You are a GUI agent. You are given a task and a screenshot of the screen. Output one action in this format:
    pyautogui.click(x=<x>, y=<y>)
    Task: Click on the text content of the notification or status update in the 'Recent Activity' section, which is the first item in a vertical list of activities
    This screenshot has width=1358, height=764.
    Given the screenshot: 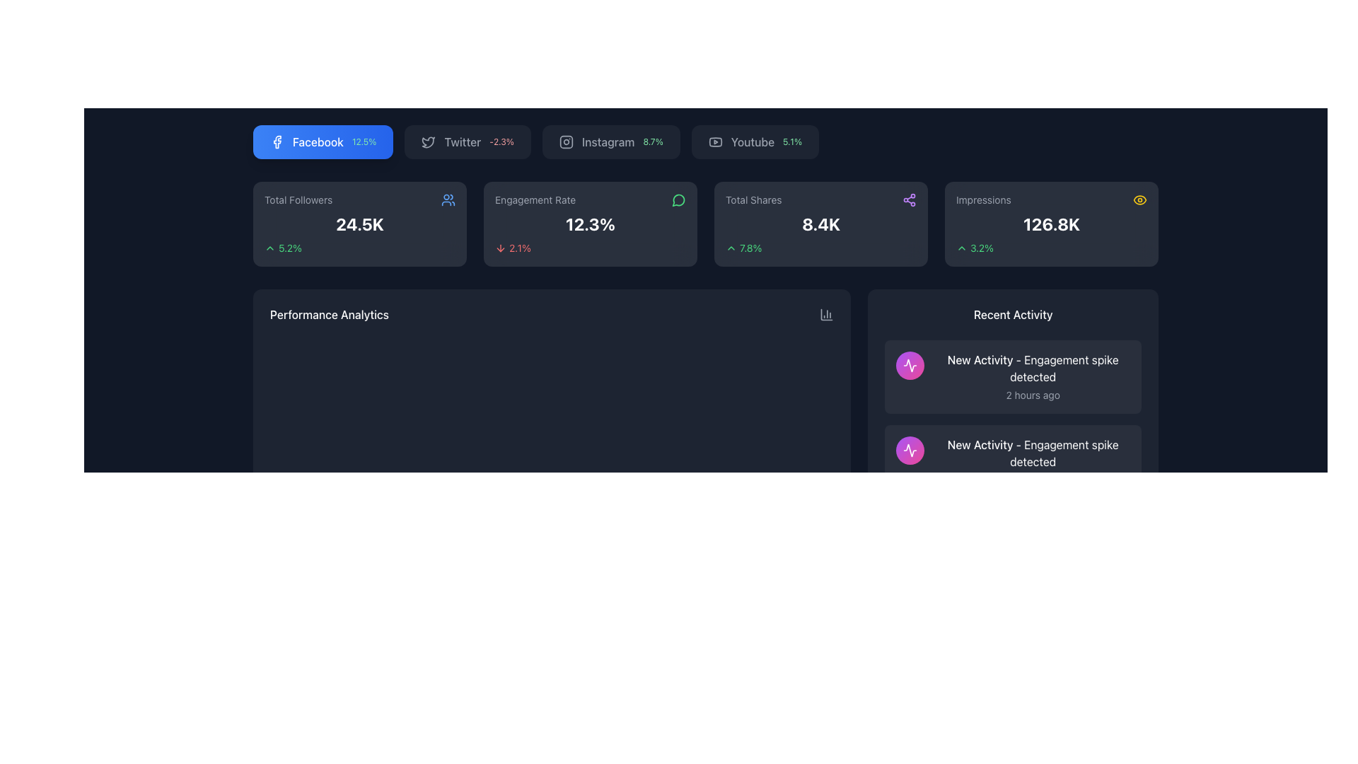 What is the action you would take?
    pyautogui.click(x=1033, y=367)
    